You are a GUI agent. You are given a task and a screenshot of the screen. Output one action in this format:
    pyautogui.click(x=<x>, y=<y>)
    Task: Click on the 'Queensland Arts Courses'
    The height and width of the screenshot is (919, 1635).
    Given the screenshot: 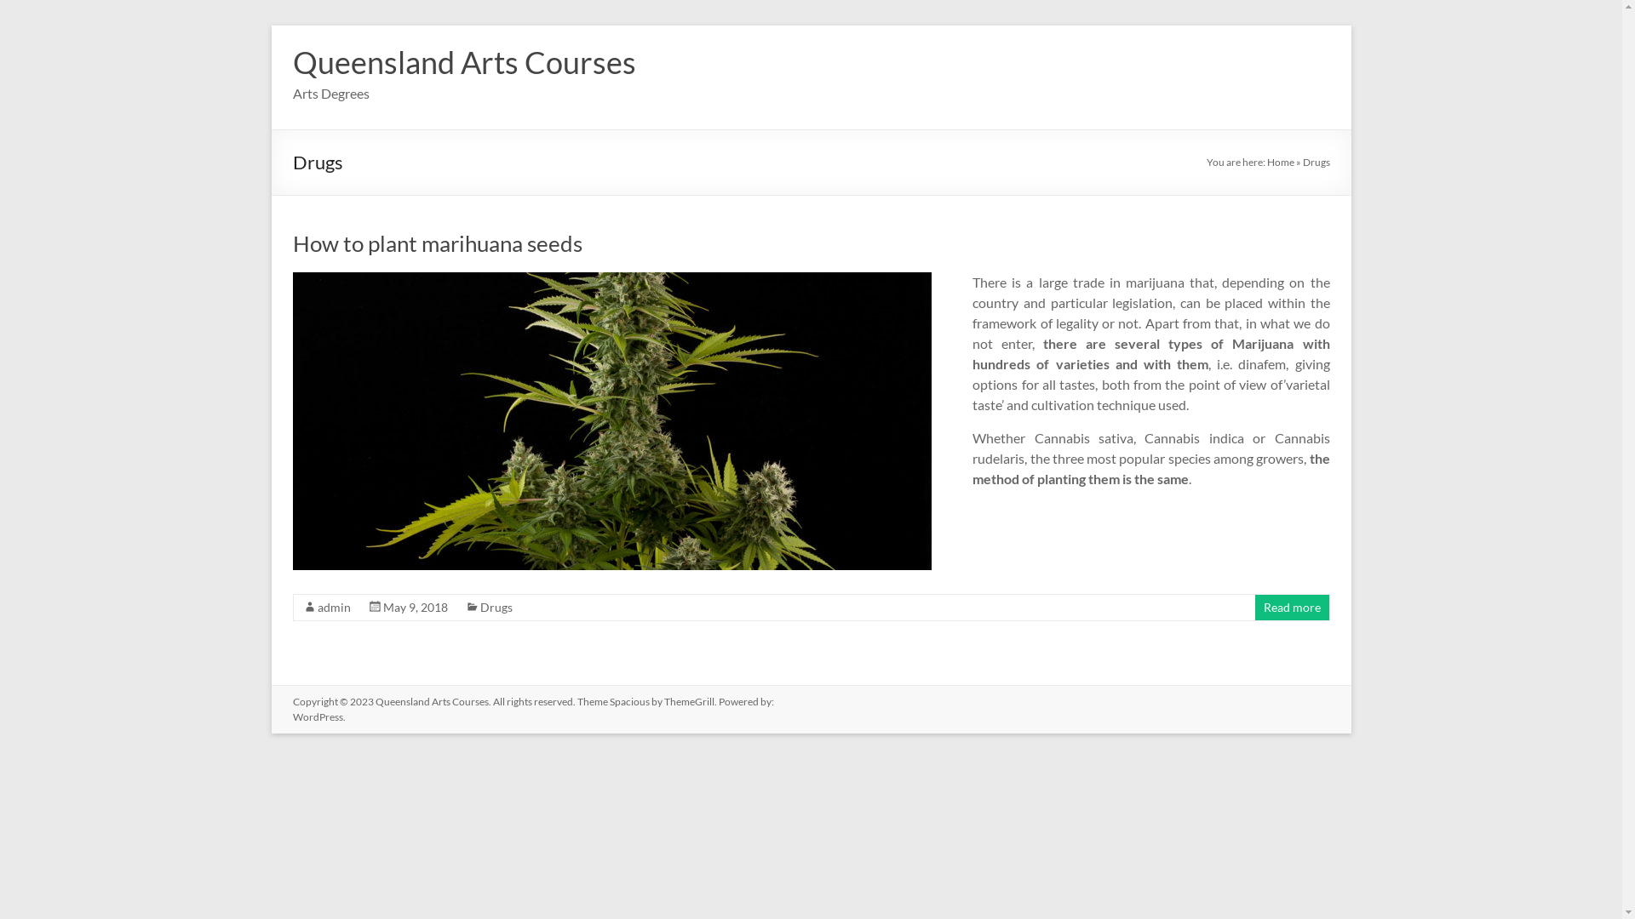 What is the action you would take?
    pyautogui.click(x=374, y=701)
    